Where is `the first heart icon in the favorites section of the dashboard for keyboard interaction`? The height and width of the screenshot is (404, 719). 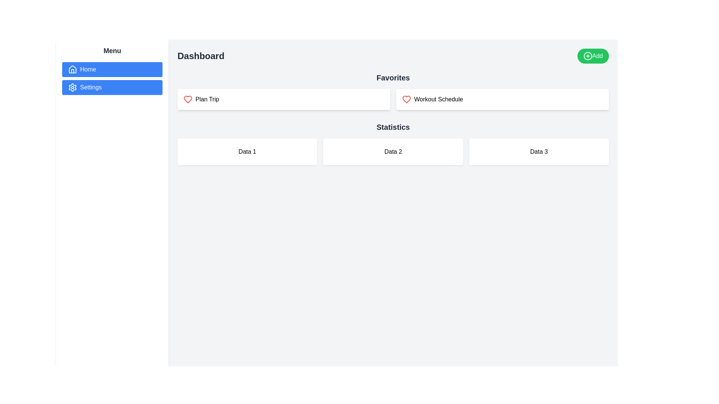 the first heart icon in the favorites section of the dashboard for keyboard interaction is located at coordinates (406, 99).